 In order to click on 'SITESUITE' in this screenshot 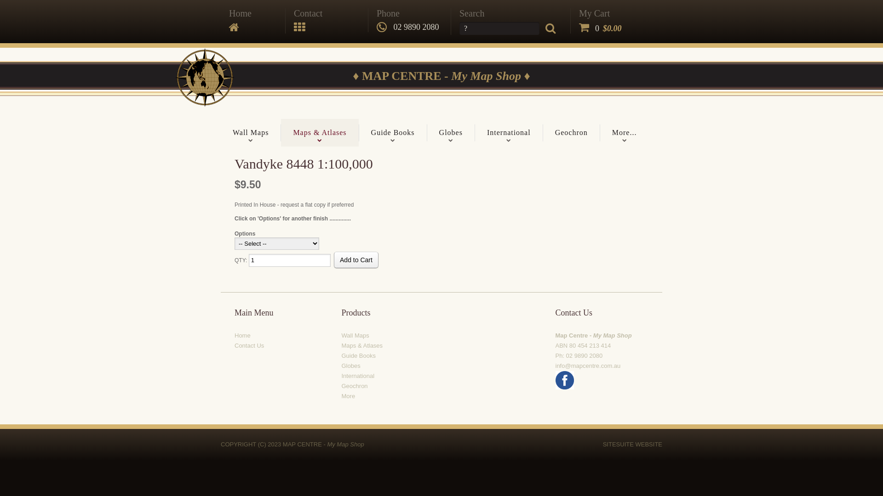, I will do `click(618, 444)`.